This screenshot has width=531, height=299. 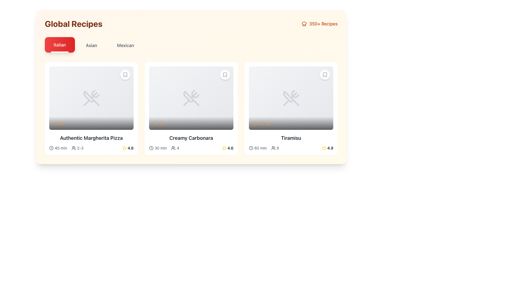 What do you see at coordinates (327, 148) in the screenshot?
I see `rating value '4.9' from the Rating indicator, which is represented by a numerical text styled with a medium-weight font and a yellow star icon on the 'Tiramisu' card in the third column of the recipe cards list` at bounding box center [327, 148].